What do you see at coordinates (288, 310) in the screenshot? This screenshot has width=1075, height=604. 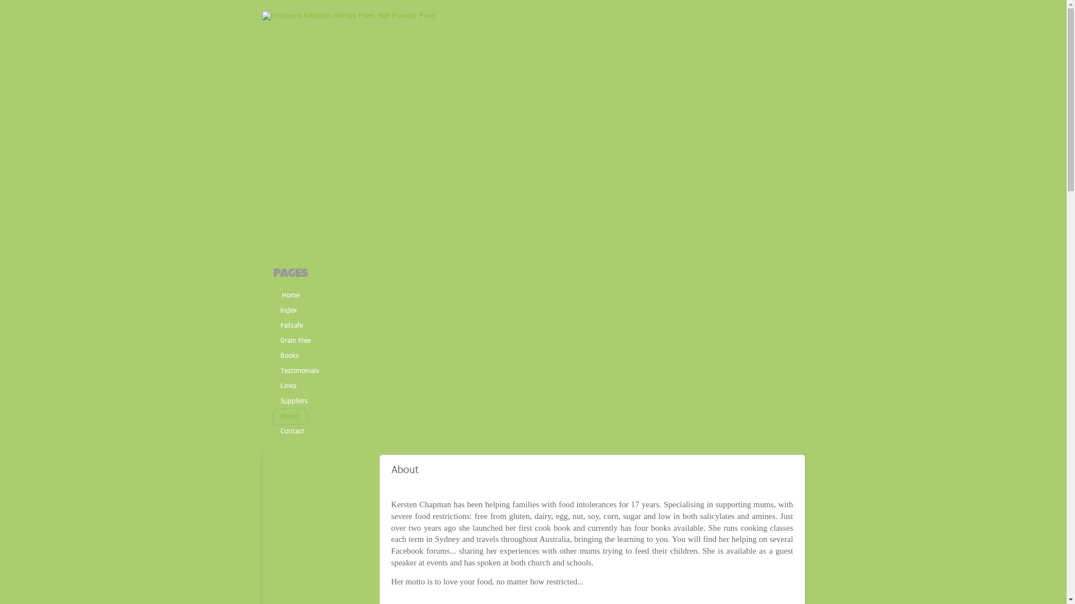 I see `'Index'` at bounding box center [288, 310].